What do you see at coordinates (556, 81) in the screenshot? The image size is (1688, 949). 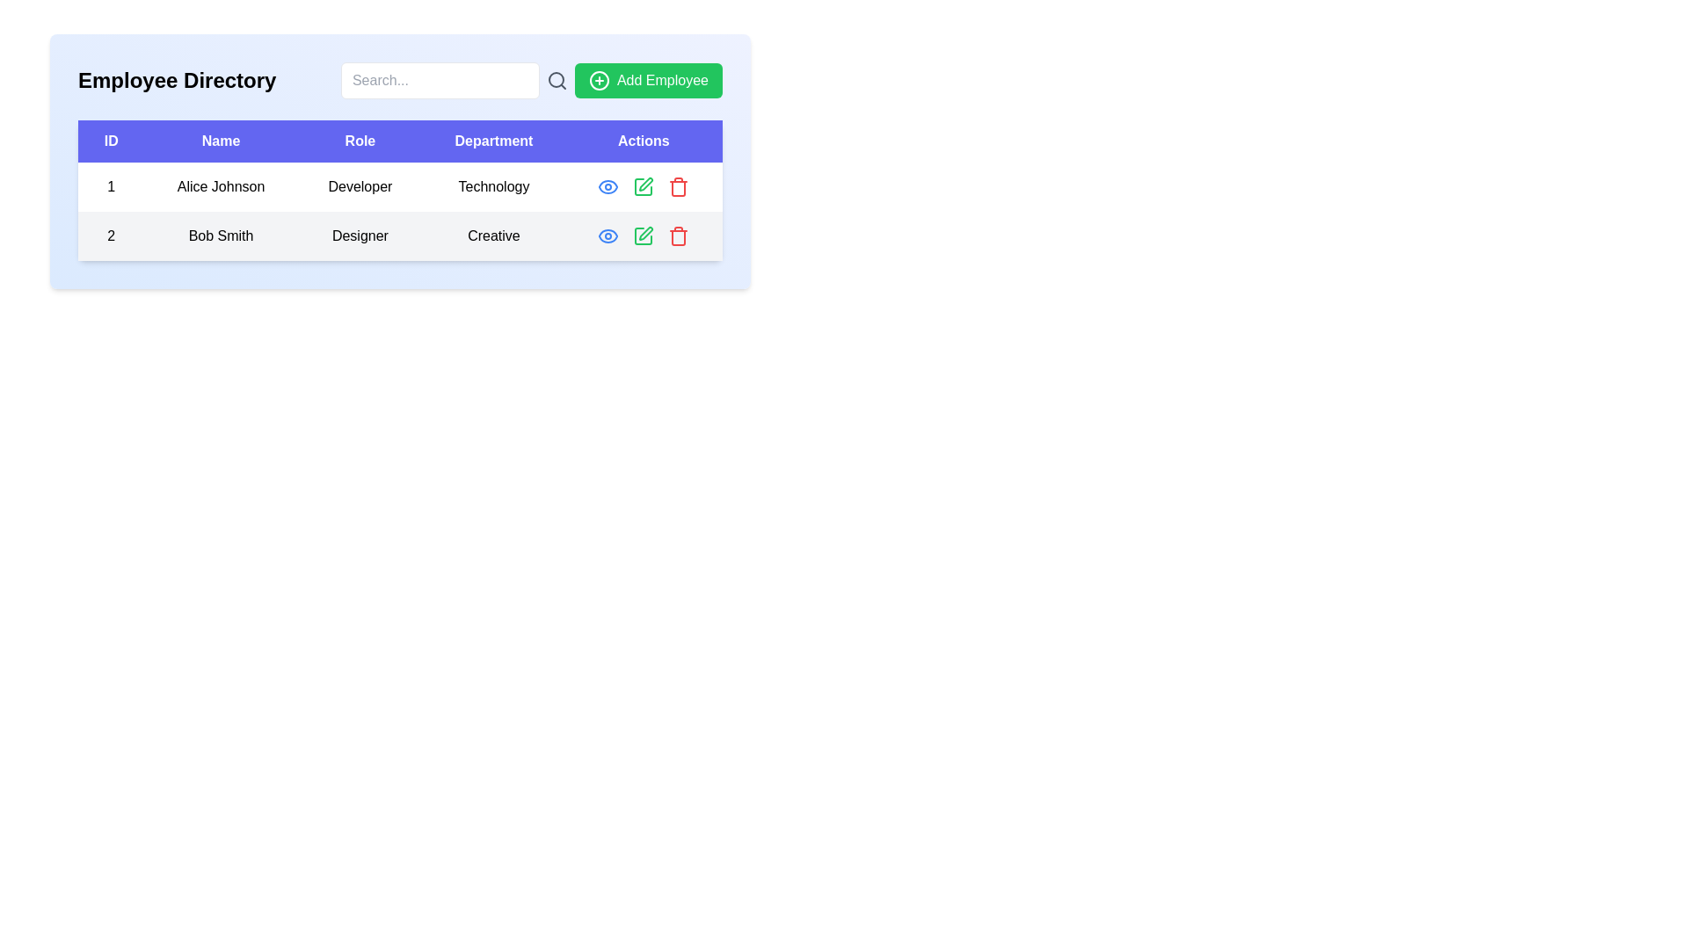 I see `the magnifying glass icon, which indicates a search function, to invoke a search` at bounding box center [556, 81].